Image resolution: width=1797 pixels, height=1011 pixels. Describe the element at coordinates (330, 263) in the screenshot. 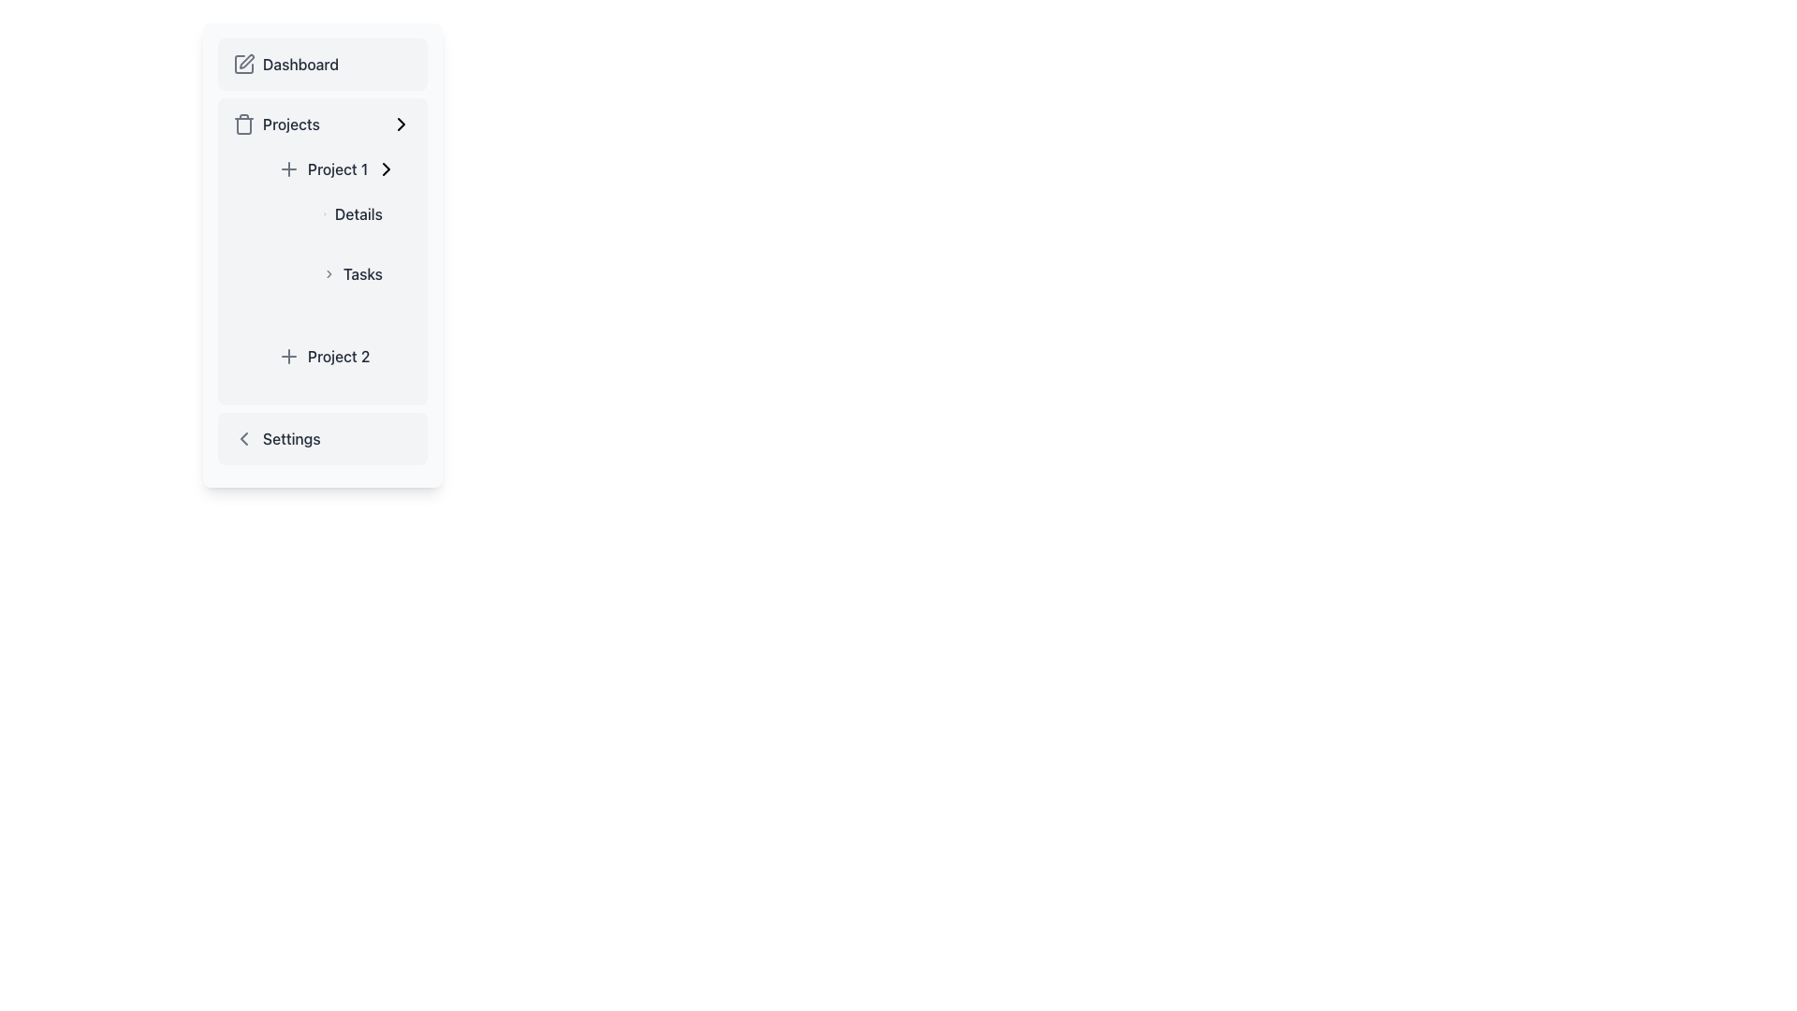

I see `the sub-item within the 'Projects' section` at that location.